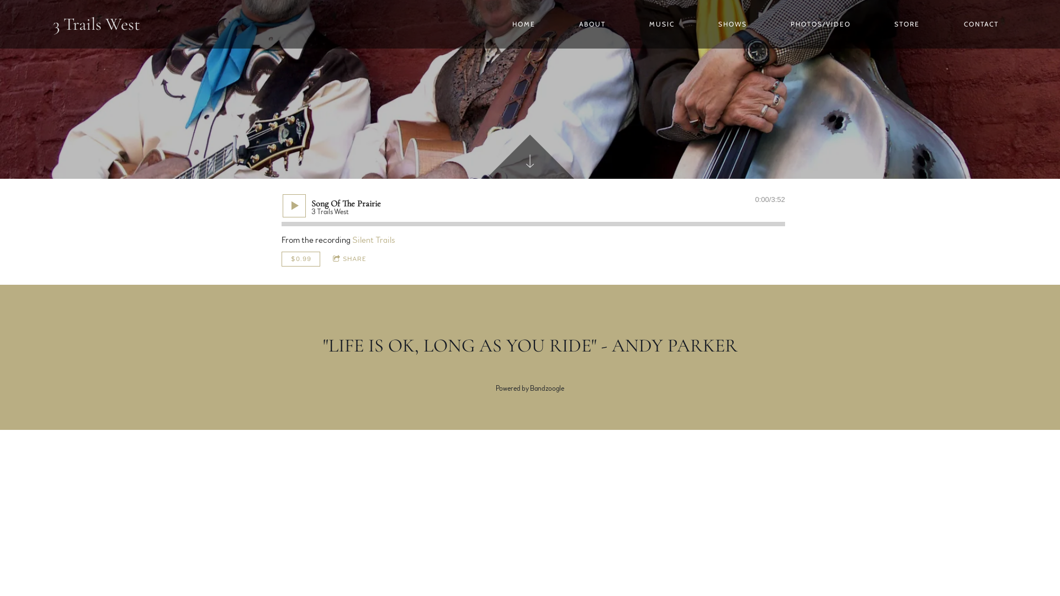  I want to click on 'MUSIC', so click(662, 24).